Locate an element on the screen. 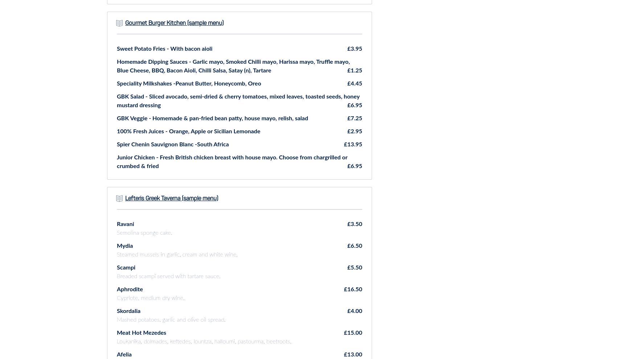  '£3.95' is located at coordinates (347, 48).